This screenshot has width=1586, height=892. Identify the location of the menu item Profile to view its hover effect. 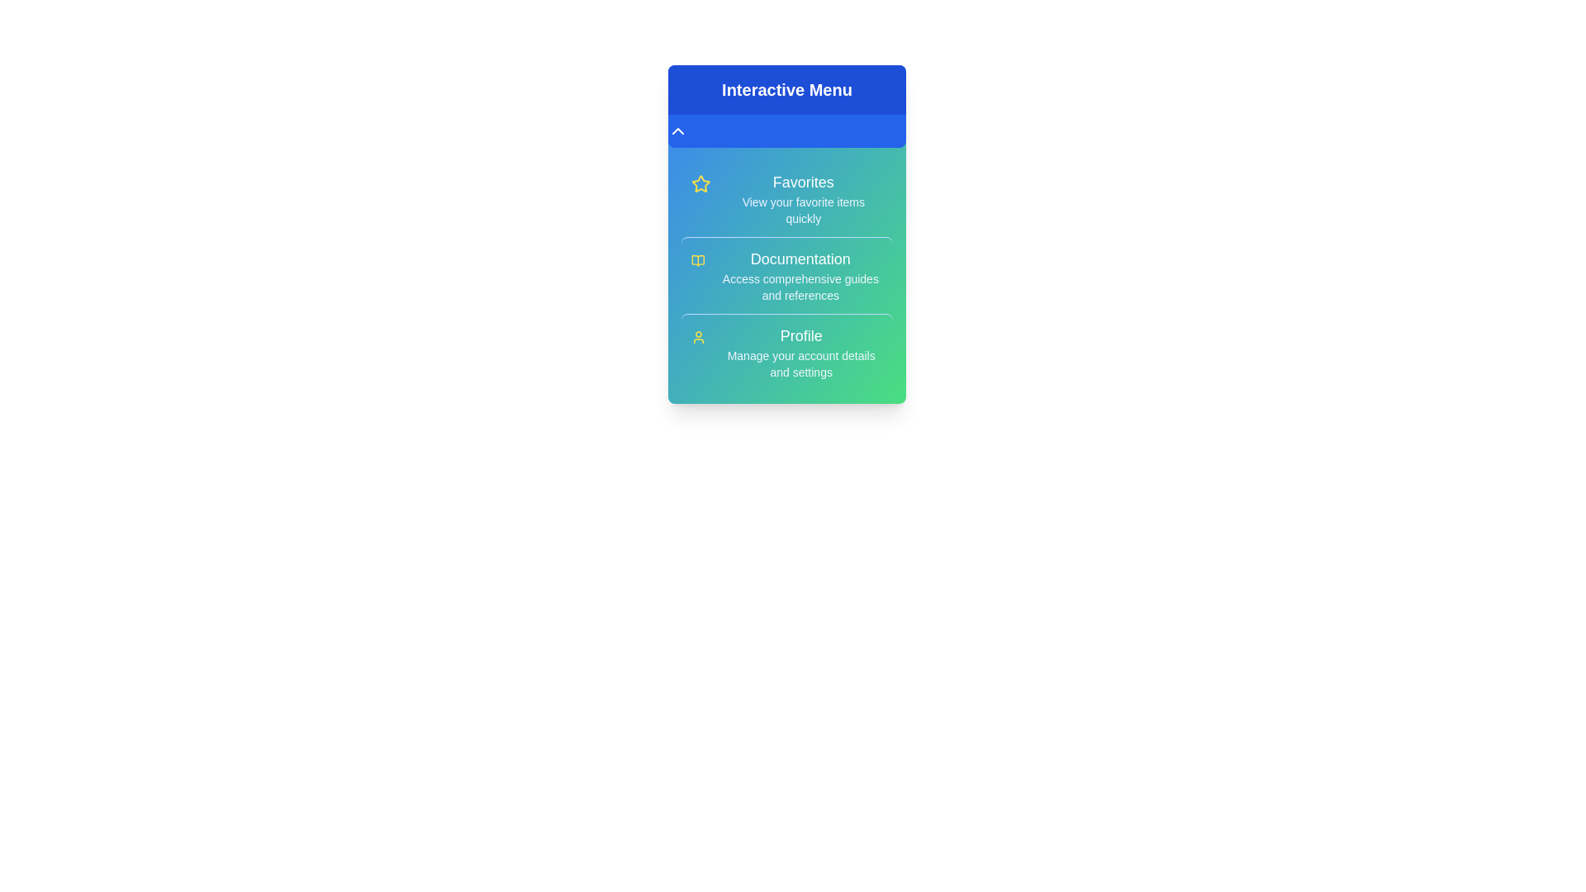
(786, 350).